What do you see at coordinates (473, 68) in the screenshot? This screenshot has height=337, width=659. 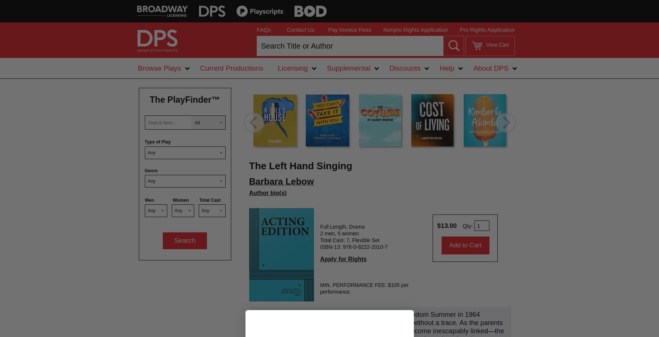 I see `'About DPS'` at bounding box center [473, 68].